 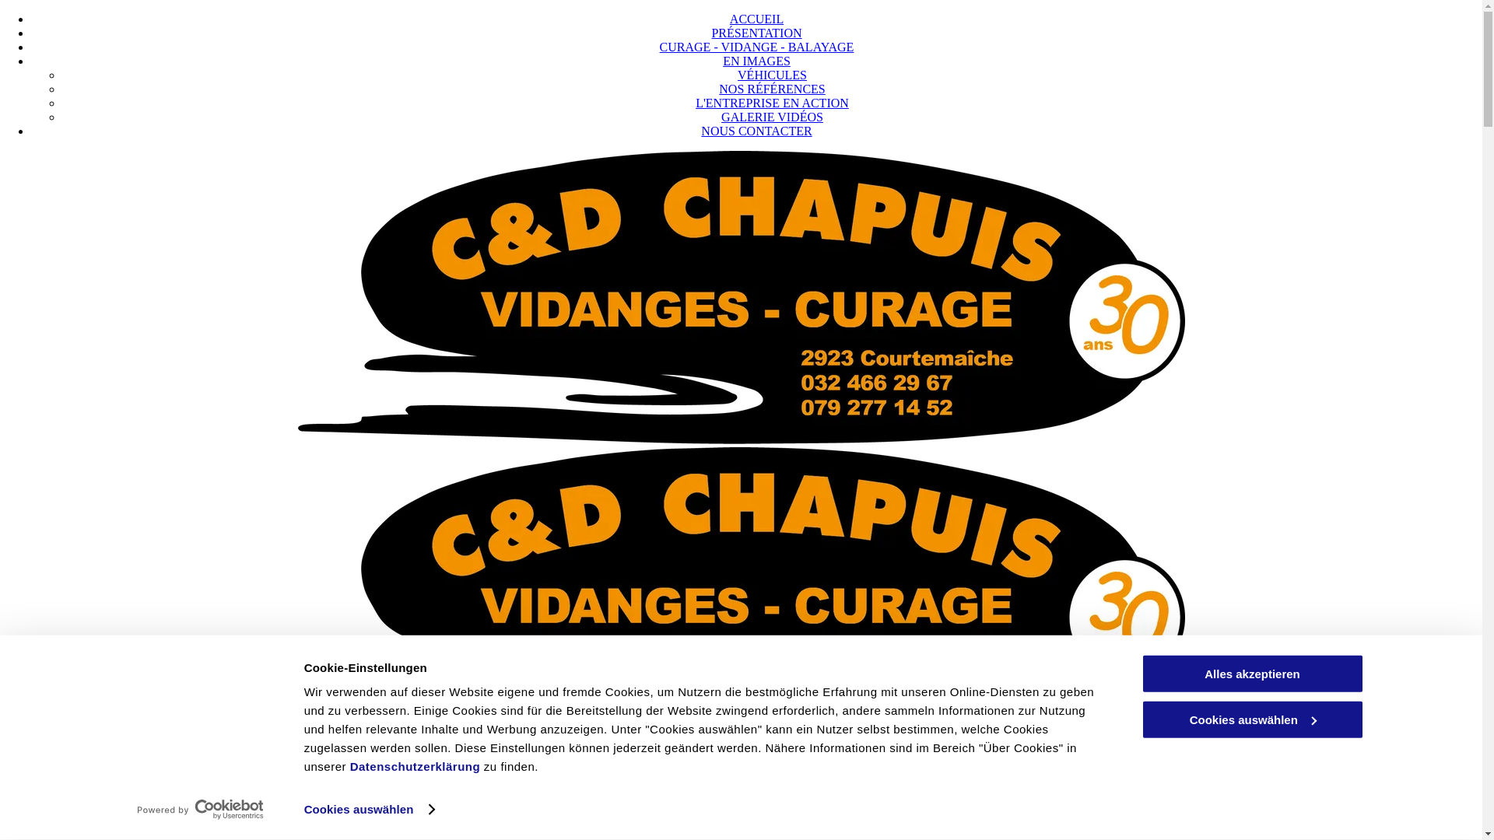 I want to click on 'NOUS CONTACTER', so click(x=756, y=130).